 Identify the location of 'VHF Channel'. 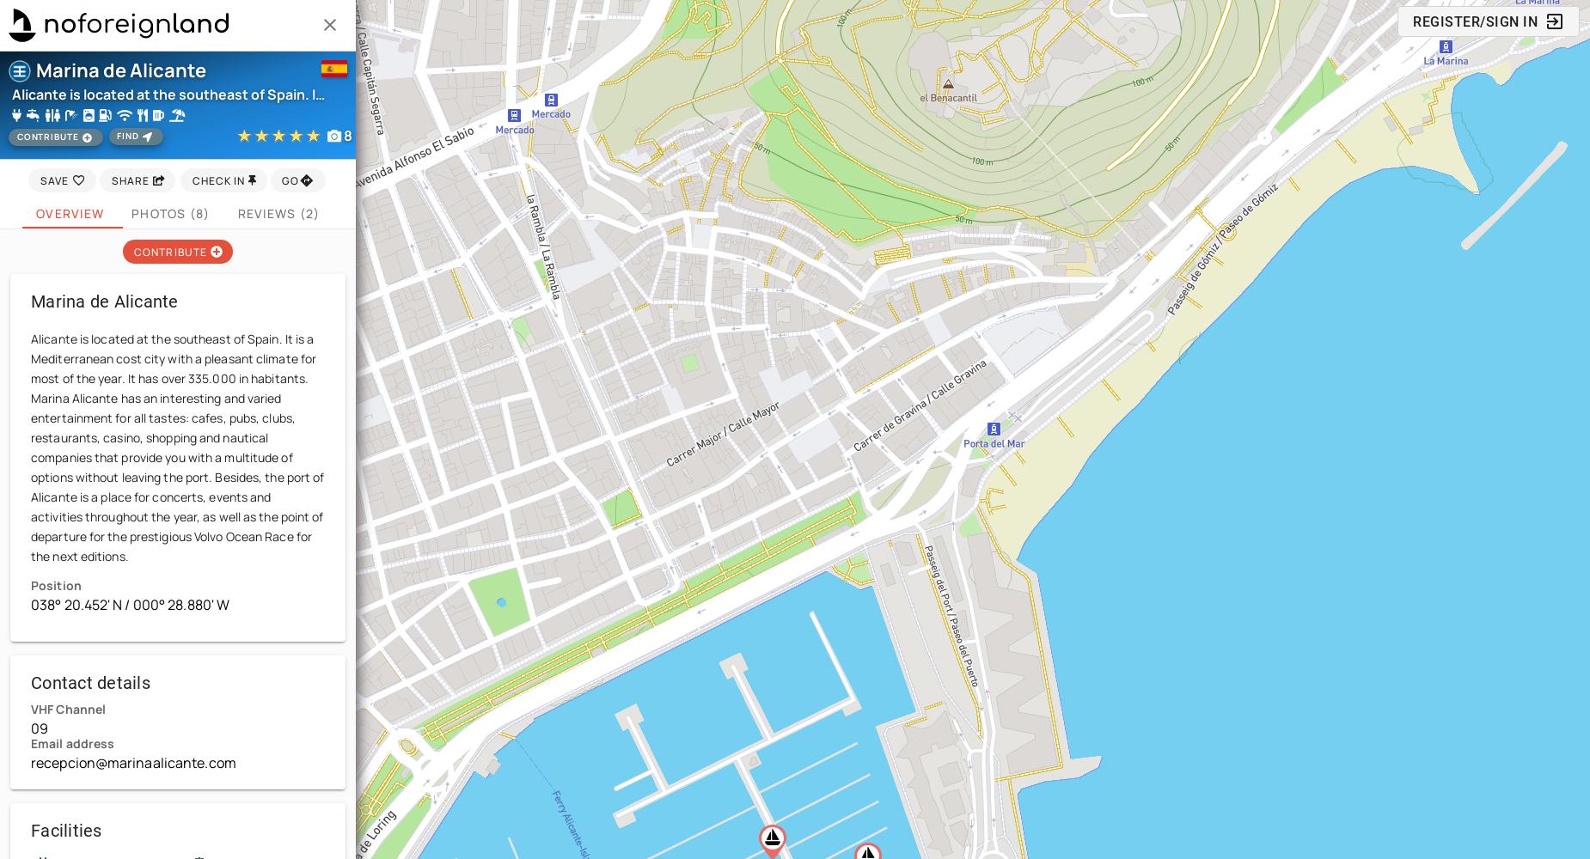
(67, 708).